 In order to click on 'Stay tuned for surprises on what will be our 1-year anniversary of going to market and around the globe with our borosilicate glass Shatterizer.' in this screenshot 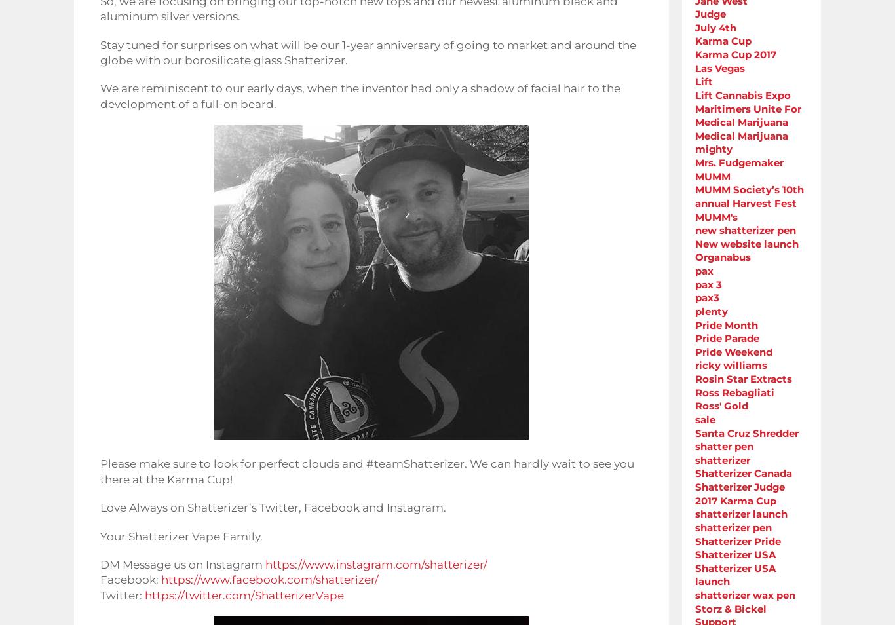, I will do `click(368, 51)`.